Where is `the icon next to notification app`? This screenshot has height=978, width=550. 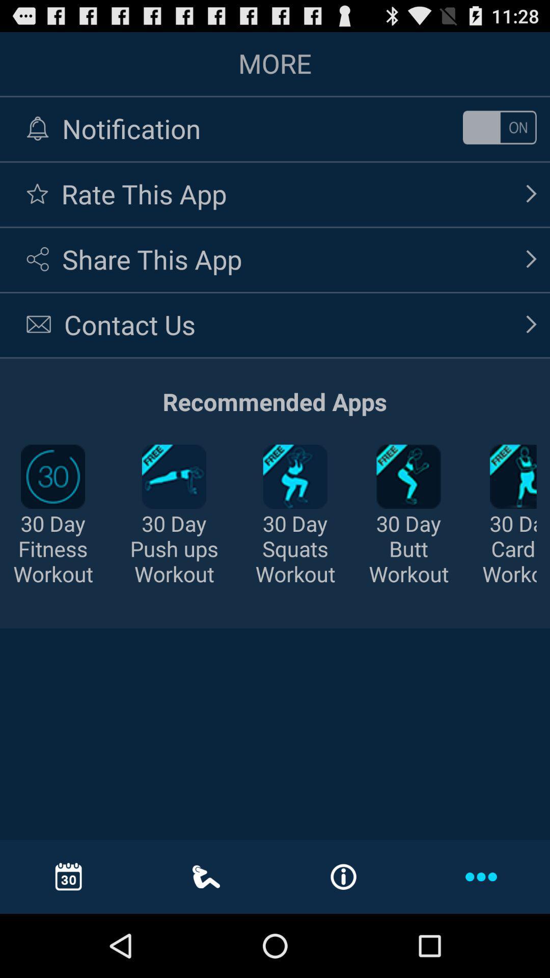 the icon next to notification app is located at coordinates (499, 127).